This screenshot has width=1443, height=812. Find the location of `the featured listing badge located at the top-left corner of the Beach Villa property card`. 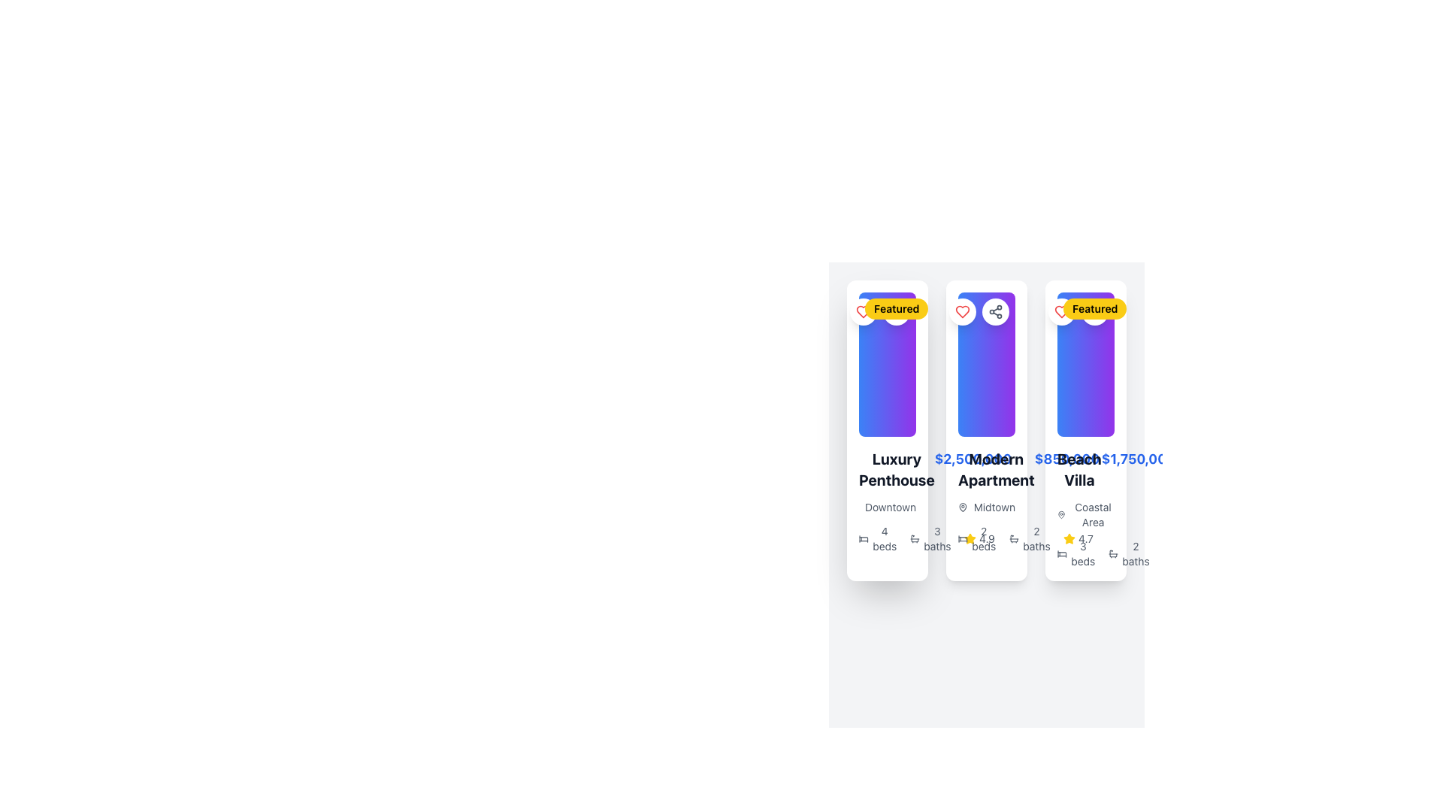

the featured listing badge located at the top-left corner of the Beach Villa property card is located at coordinates (1095, 308).